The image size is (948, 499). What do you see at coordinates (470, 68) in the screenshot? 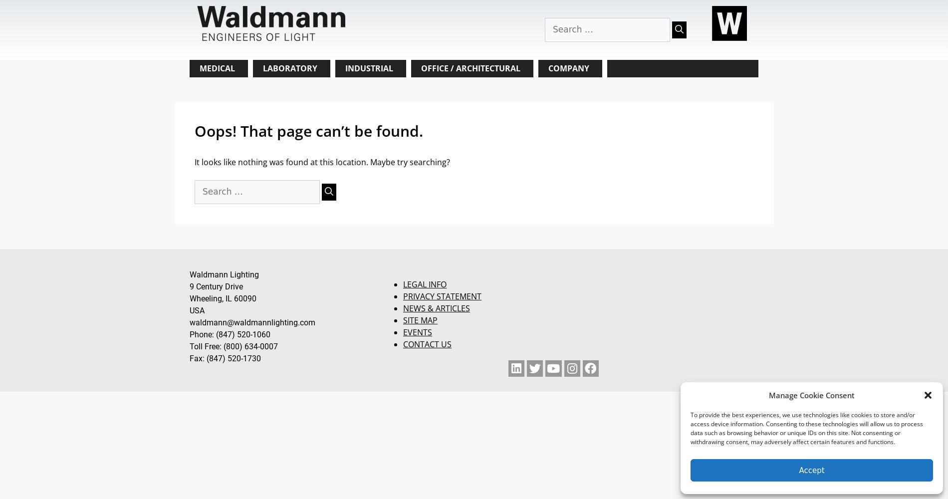
I see `'OFFICE / ARCHITECTURAL'` at bounding box center [470, 68].